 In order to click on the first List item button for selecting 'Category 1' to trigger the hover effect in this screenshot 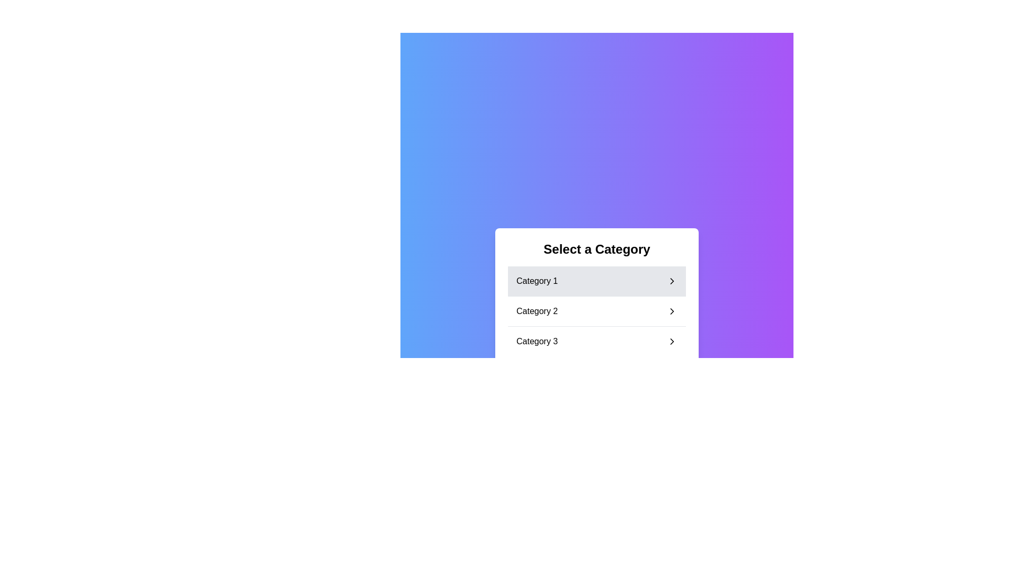, I will do `click(597, 281)`.